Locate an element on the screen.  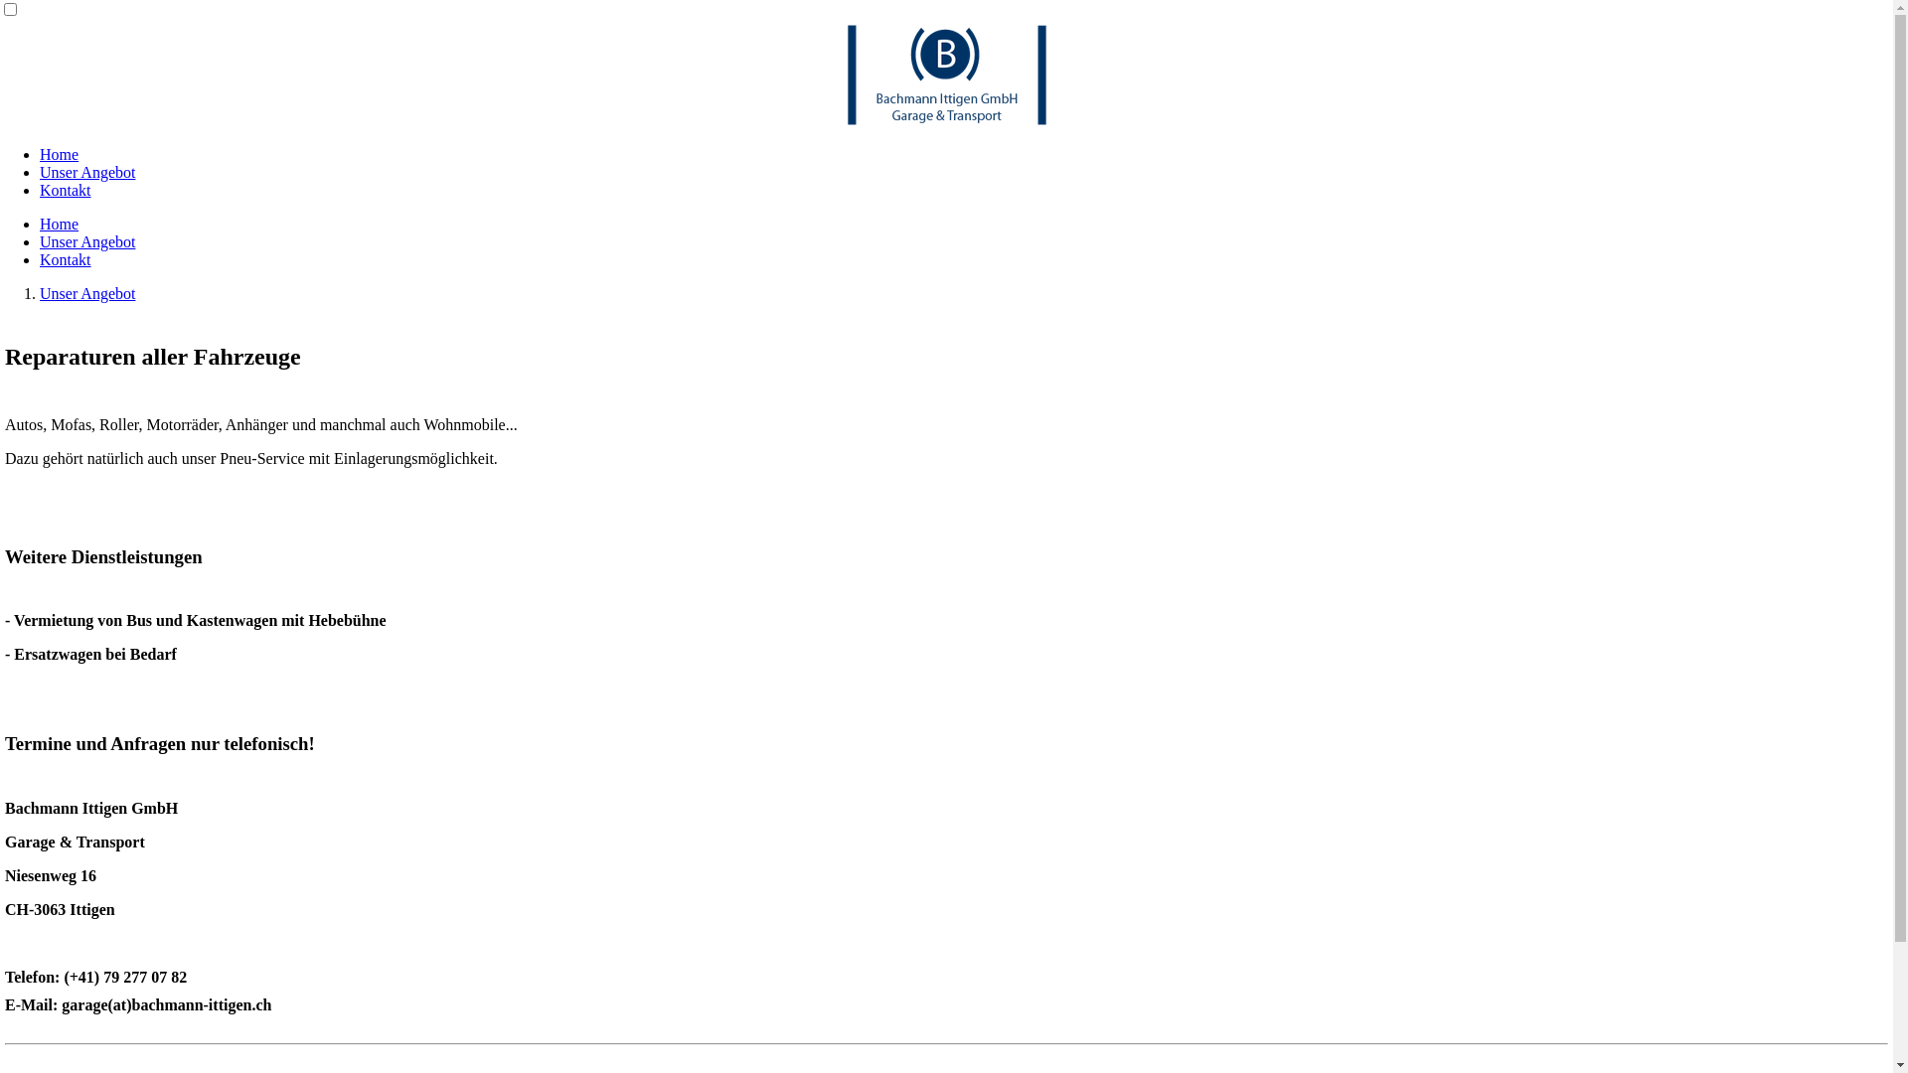
'Unser Angebot' is located at coordinates (85, 171).